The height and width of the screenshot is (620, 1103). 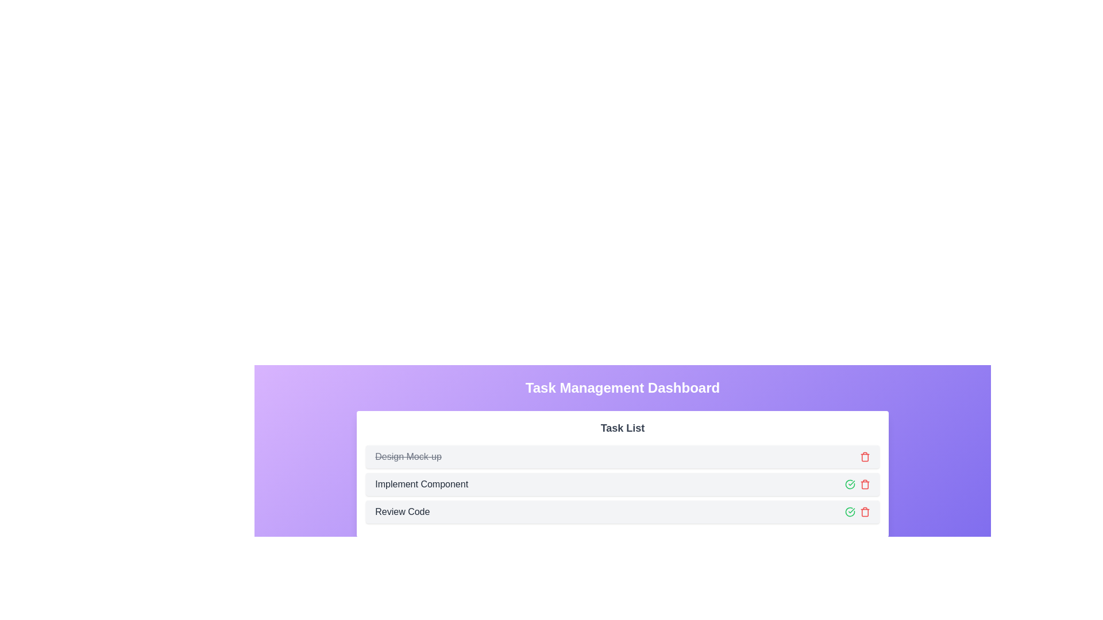 What do you see at coordinates (865, 485) in the screenshot?
I see `the delete icon button located at the rightmost position` at bounding box center [865, 485].